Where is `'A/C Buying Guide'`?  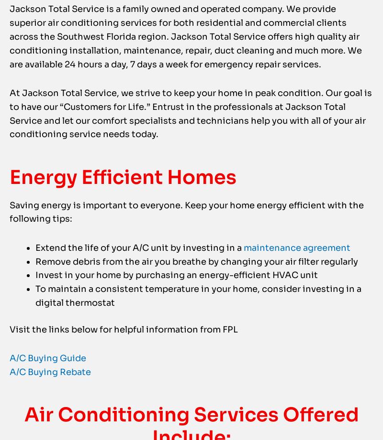 'A/C Buying Guide' is located at coordinates (48, 377).